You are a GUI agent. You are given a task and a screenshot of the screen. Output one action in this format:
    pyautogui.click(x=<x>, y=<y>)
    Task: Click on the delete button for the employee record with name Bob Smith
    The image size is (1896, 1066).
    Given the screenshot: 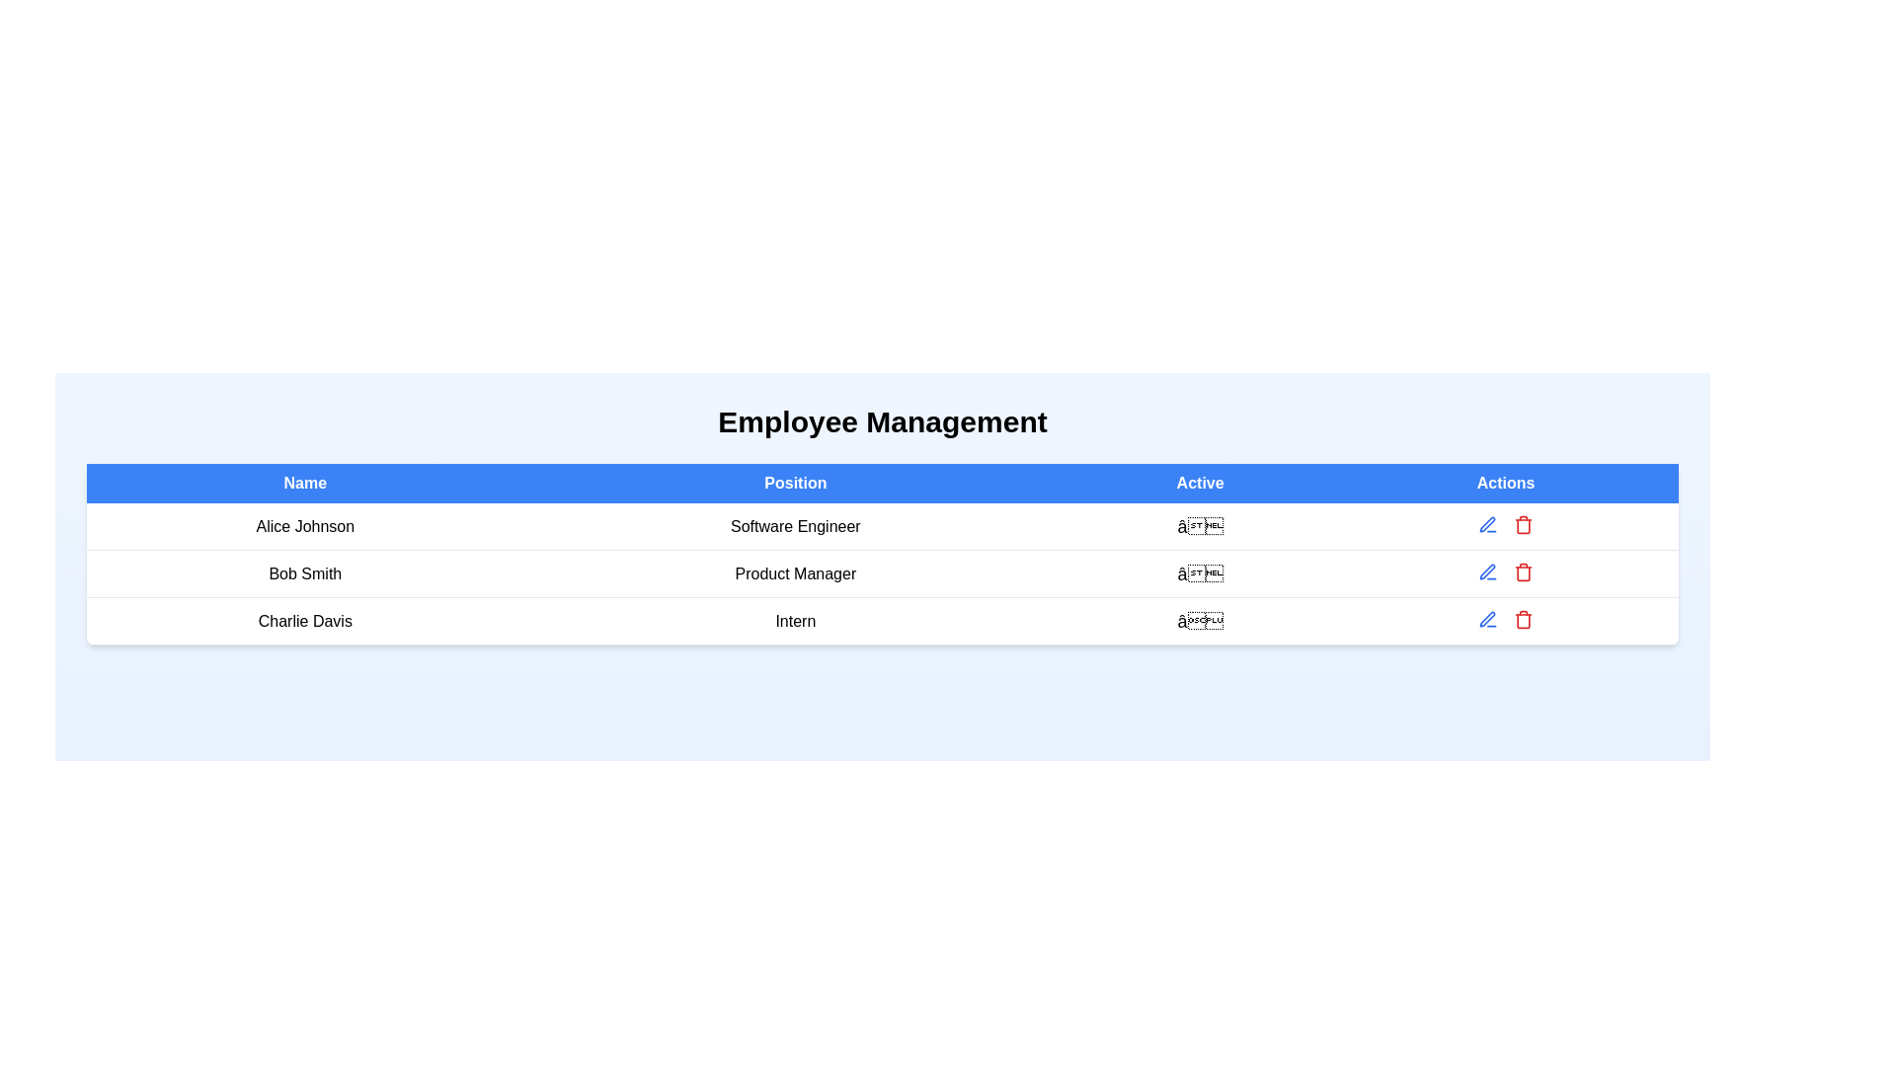 What is the action you would take?
    pyautogui.click(x=1523, y=571)
    